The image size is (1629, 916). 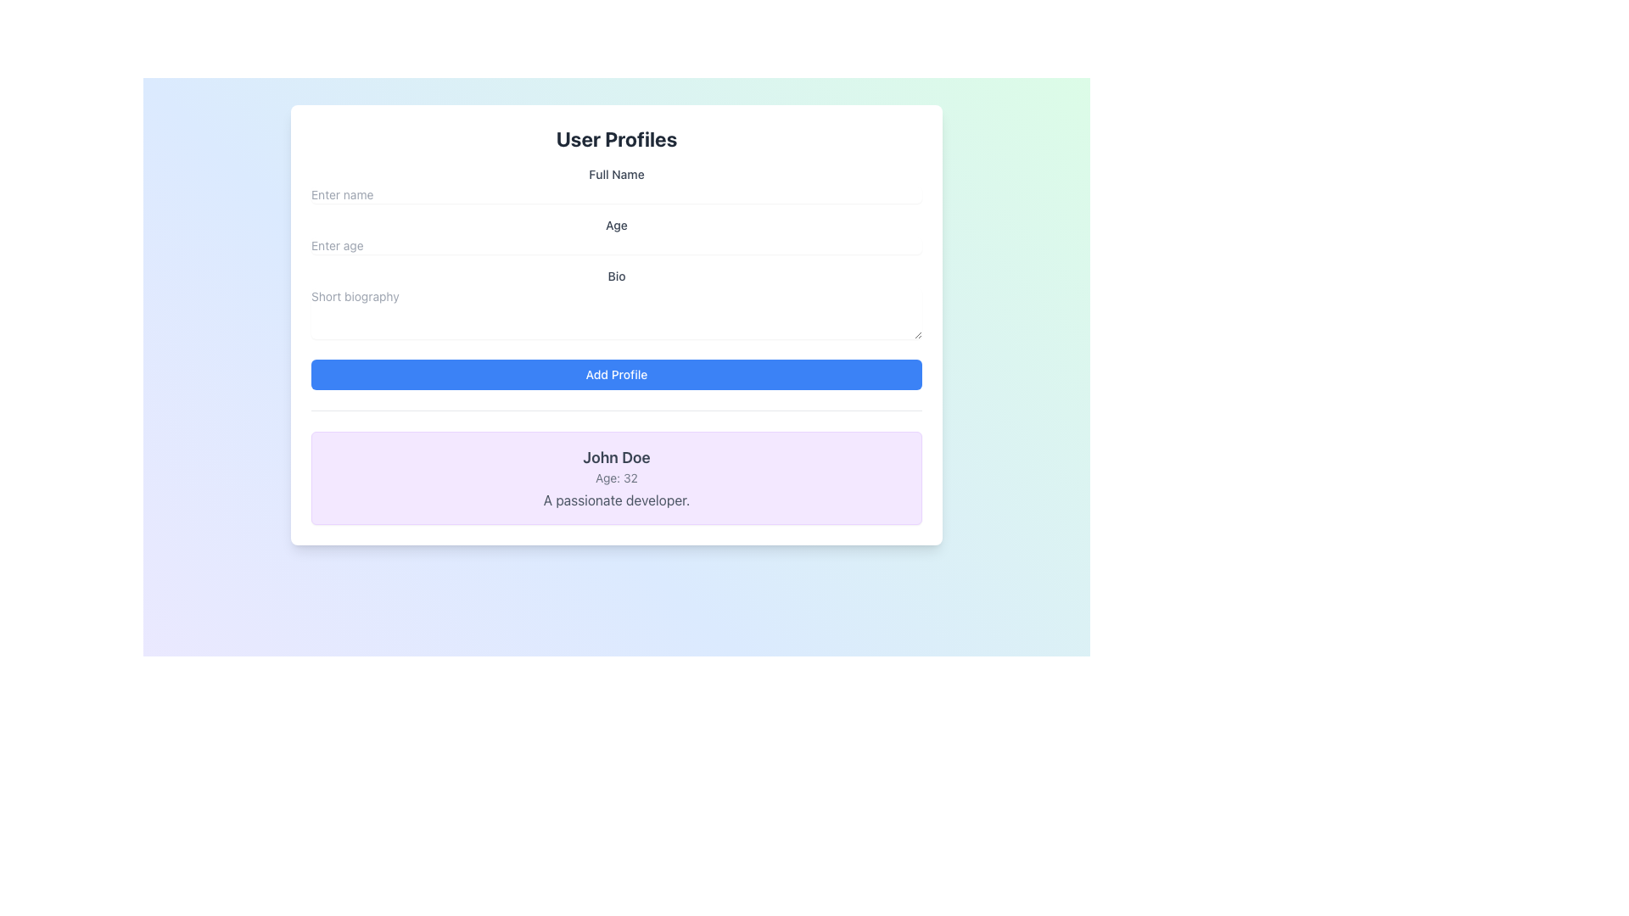 I want to click on the label identifying the expected user input as 'Age,' located in the upper center section of the interface above the text box with the placeholder 'Enter age.', so click(x=615, y=225).